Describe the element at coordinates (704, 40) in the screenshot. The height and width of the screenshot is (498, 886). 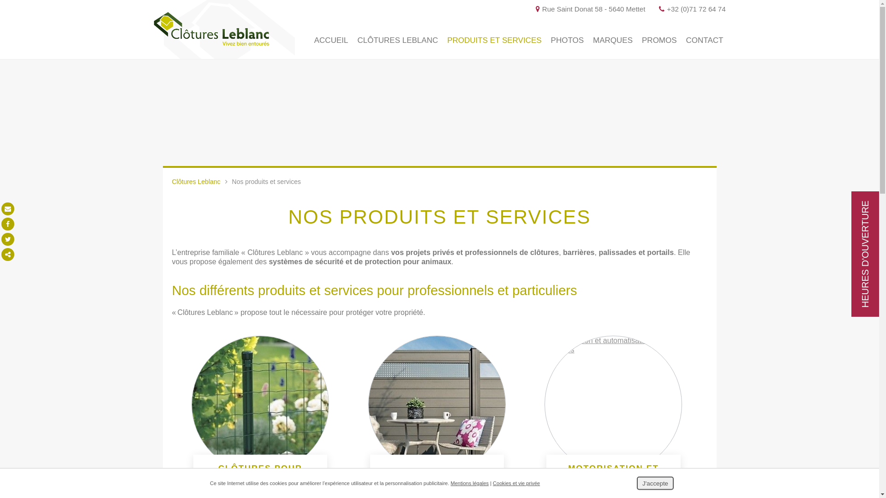
I see `'CONTACT'` at that location.